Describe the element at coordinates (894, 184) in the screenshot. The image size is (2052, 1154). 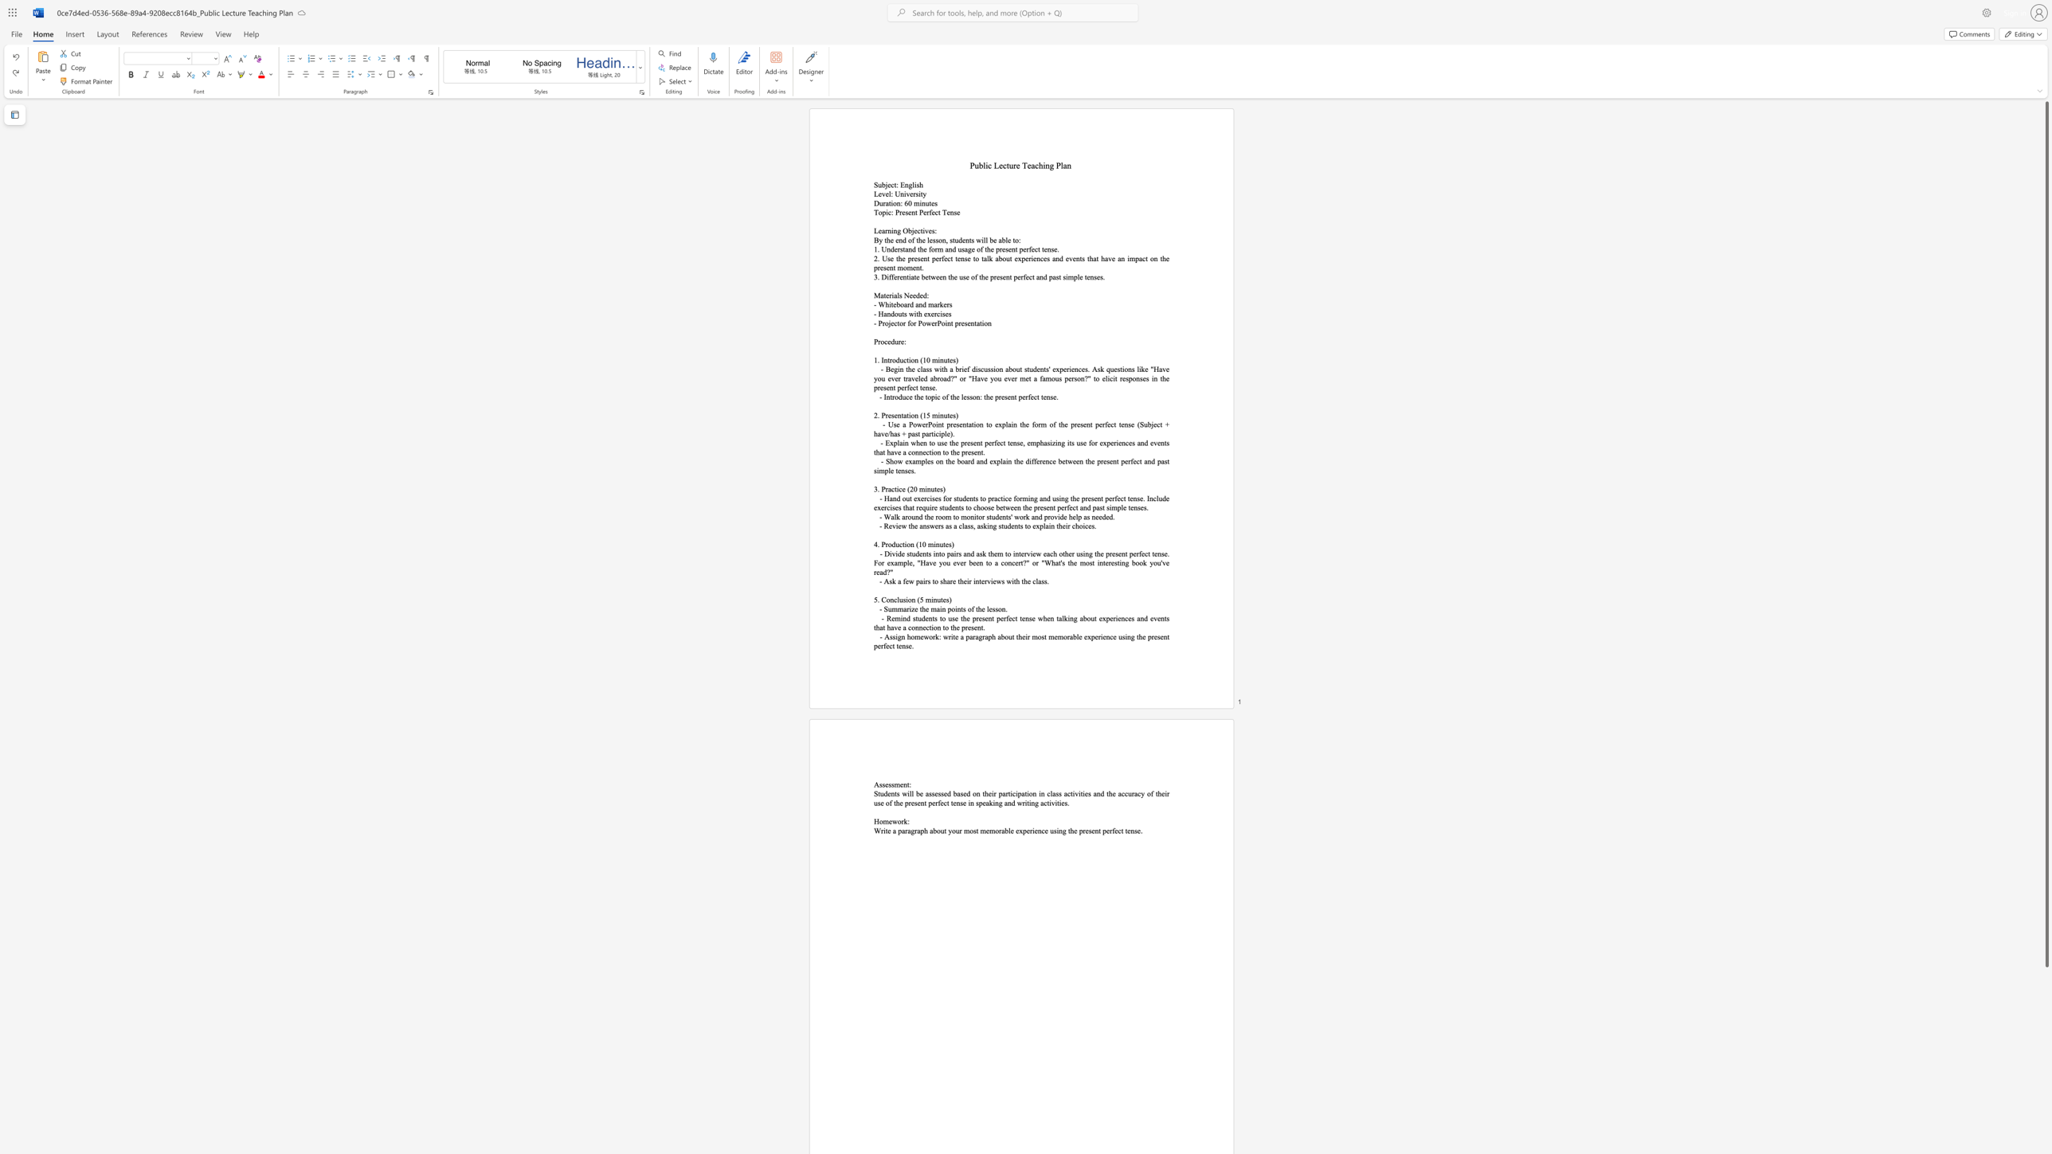
I see `the space between the continuous character "c" and "t" in the text` at that location.